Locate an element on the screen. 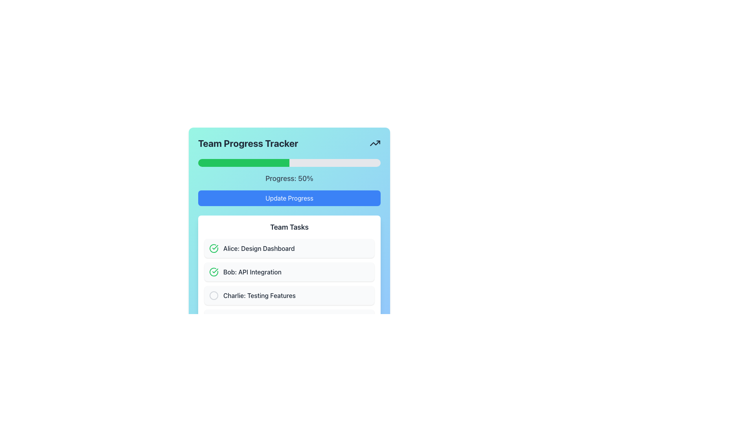 The height and width of the screenshot is (424, 755). the decorative SVG graphic element that represents the status of 'Bob: API Integration' within the 'Team Tasks' panel is located at coordinates (214, 272).